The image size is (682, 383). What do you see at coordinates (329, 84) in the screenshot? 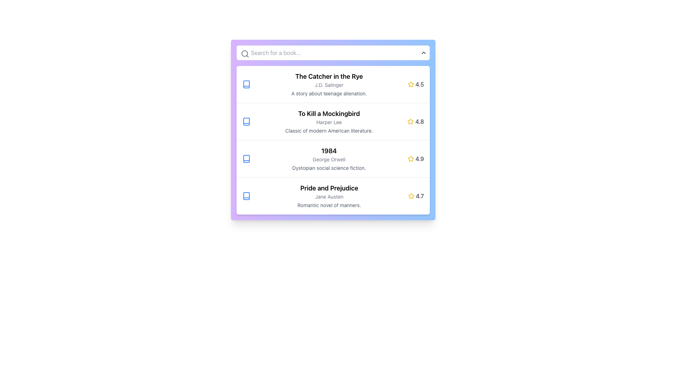
I see `the author label text element that provides information about the book 'The Catcher in the Rye', located below the title and above the description` at bounding box center [329, 84].